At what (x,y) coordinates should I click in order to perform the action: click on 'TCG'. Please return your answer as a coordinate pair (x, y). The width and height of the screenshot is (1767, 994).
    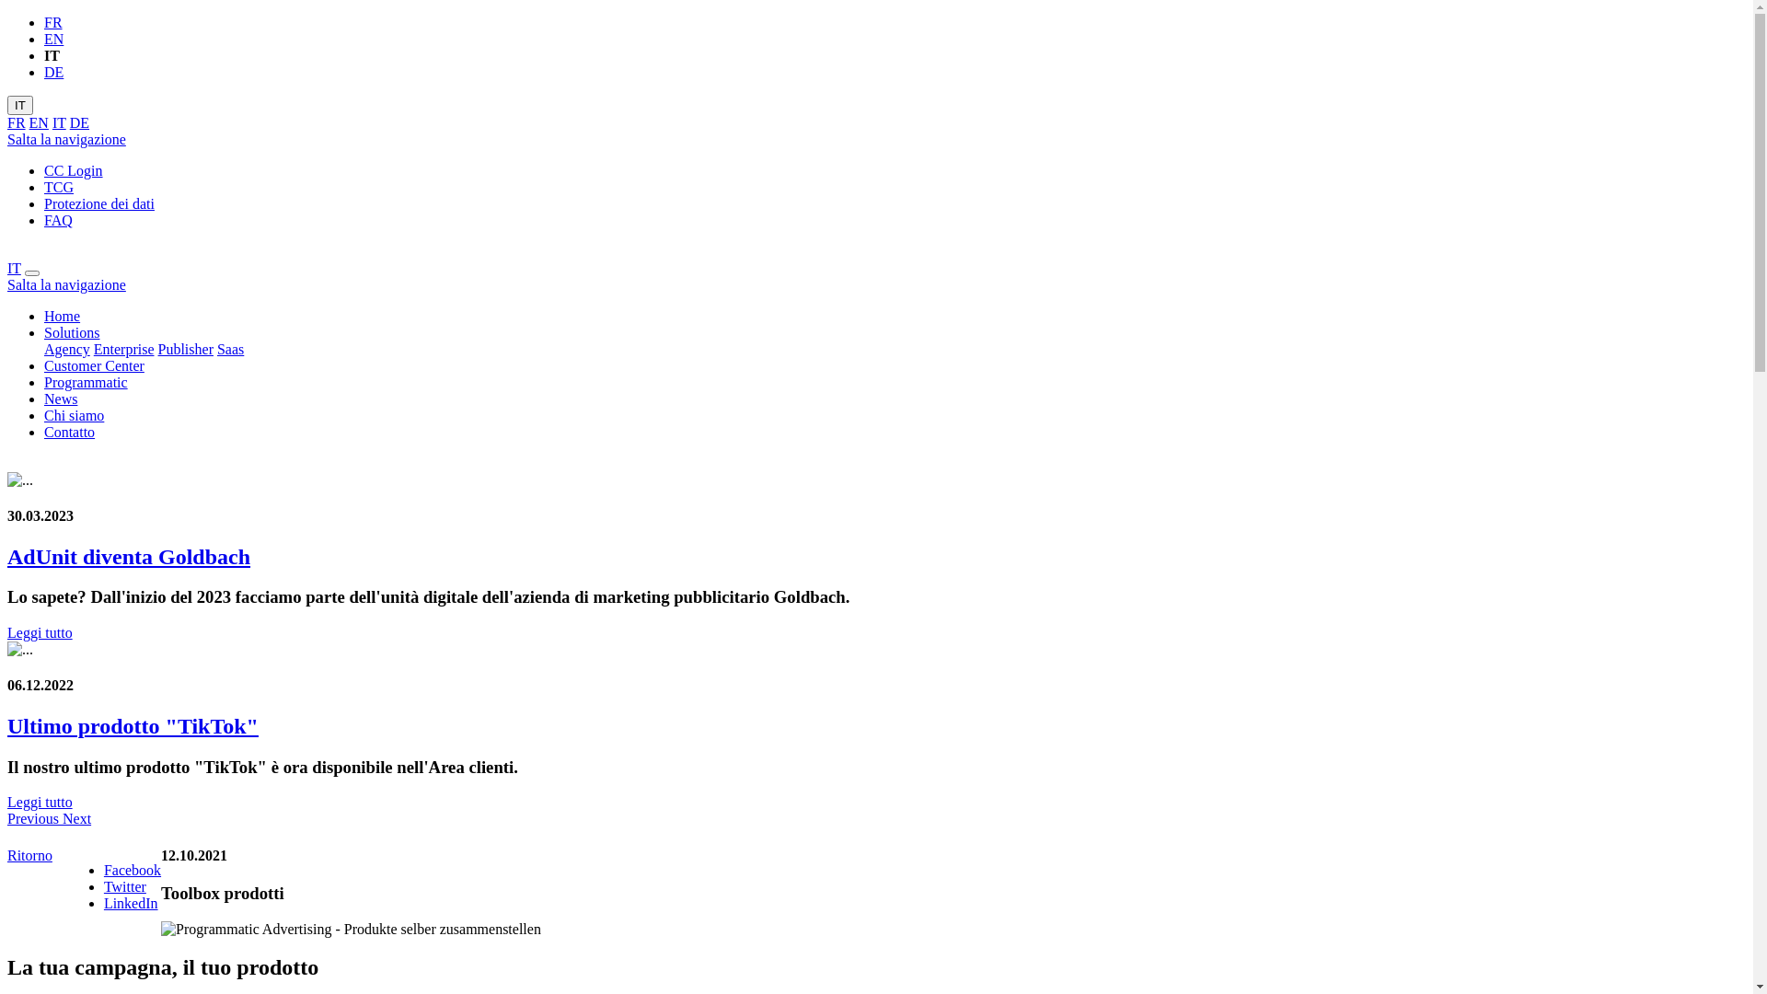
    Looking at the image, I should click on (58, 187).